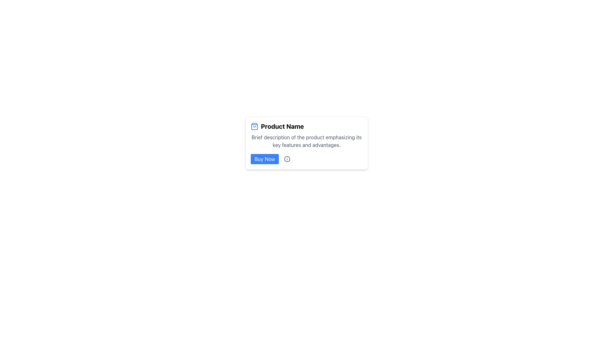 This screenshot has width=614, height=345. I want to click on the rectangular blue 'Buy Now' button with white text to initiate a purchase, so click(265, 158).